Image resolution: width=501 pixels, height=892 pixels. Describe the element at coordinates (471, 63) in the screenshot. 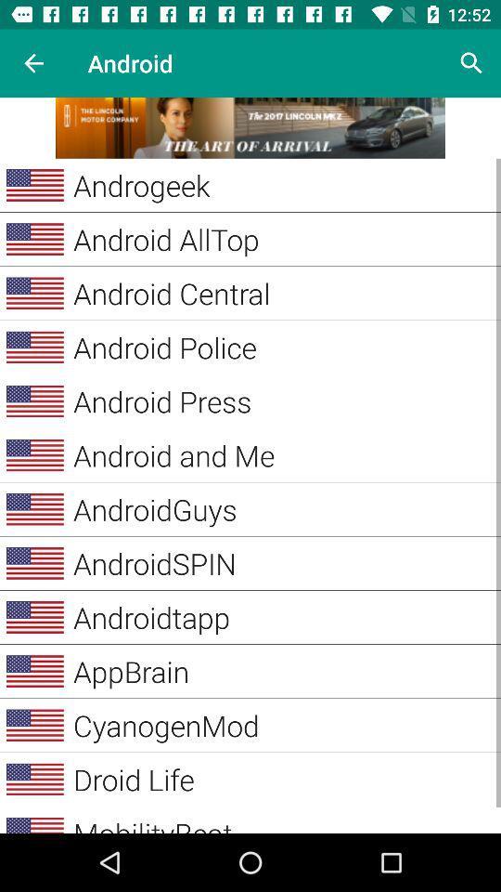

I see `search` at that location.